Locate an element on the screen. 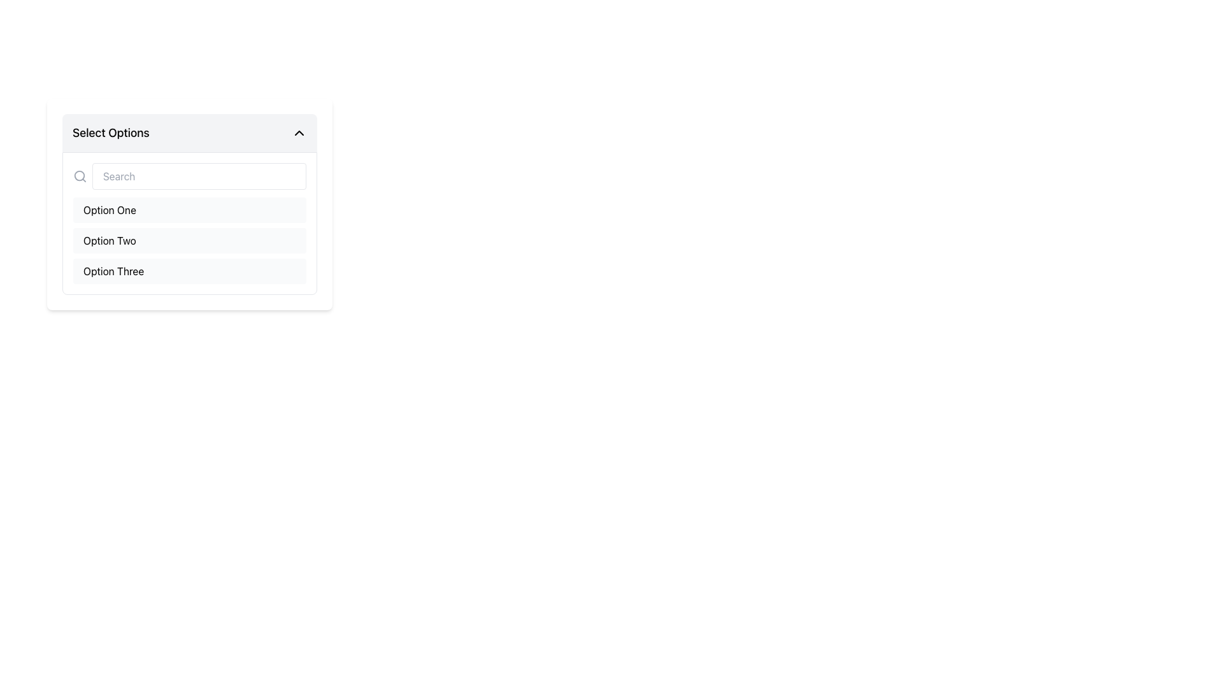 This screenshot has width=1223, height=688. the search icon located to the left of the search input field within the 'Select Options' dropdown menu to observe any hover effects is located at coordinates (79, 176).